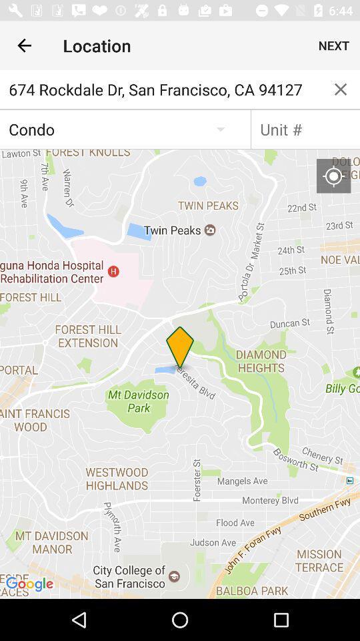 The width and height of the screenshot is (360, 641). Describe the element at coordinates (333, 45) in the screenshot. I see `the icon next to the location item` at that location.